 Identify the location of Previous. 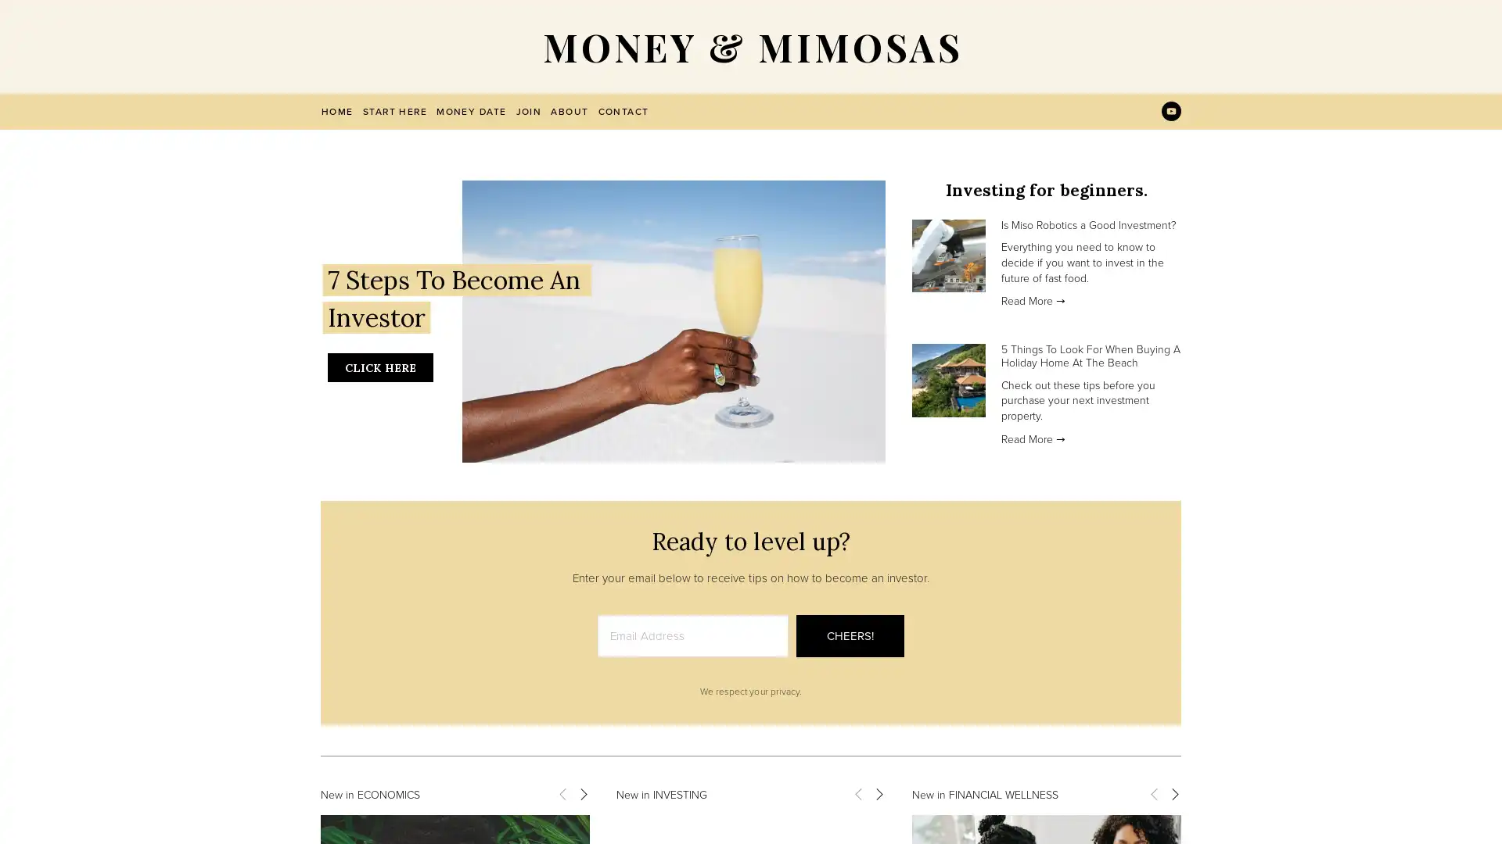
(1153, 792).